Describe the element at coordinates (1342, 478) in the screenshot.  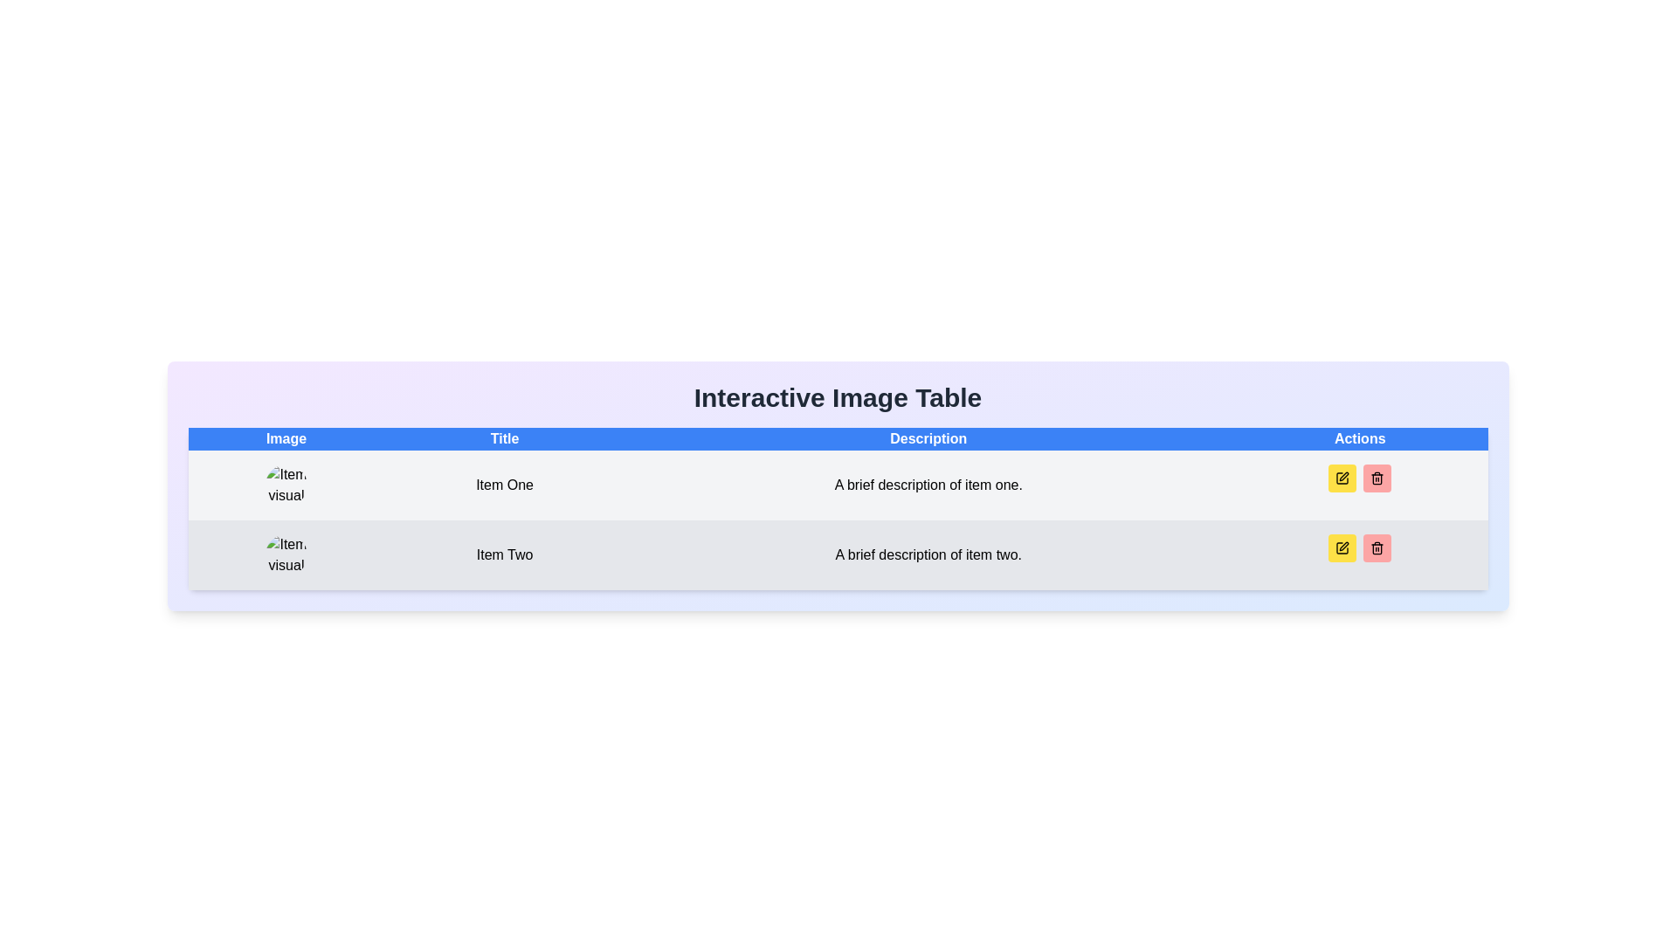
I see `the edit button in the 'Actions' column for the row corresponding to 'Item One'` at that location.